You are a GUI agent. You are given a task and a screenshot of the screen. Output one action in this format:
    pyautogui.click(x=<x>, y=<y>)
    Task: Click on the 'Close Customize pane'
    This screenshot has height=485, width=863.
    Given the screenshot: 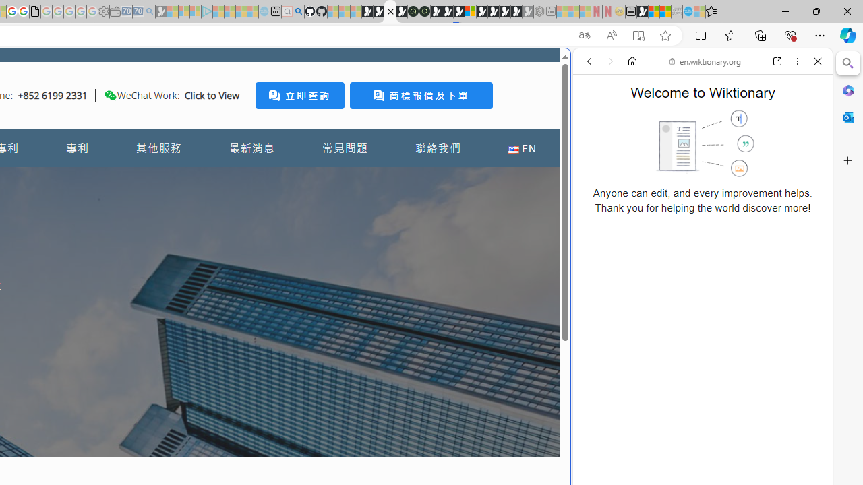 What is the action you would take?
    pyautogui.click(x=847, y=160)
    